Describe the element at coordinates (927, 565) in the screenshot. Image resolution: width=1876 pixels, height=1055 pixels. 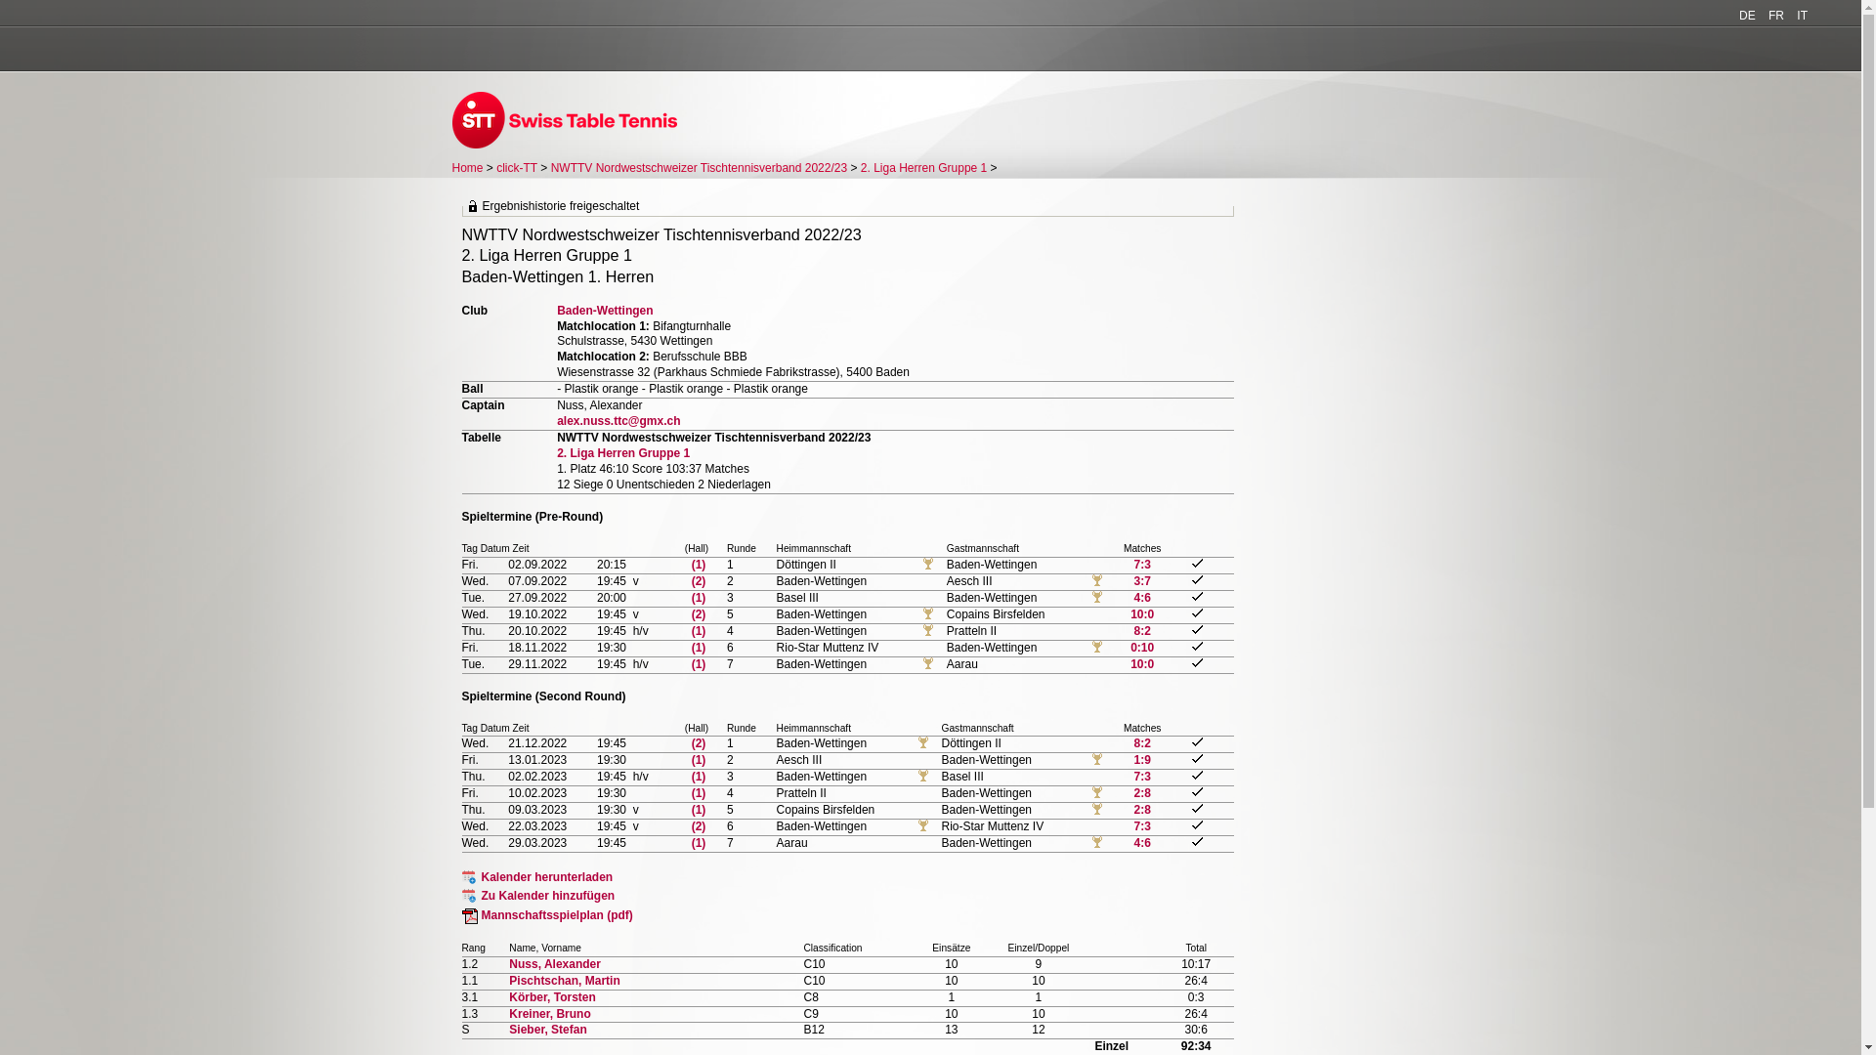
I see `'Victory'` at that location.